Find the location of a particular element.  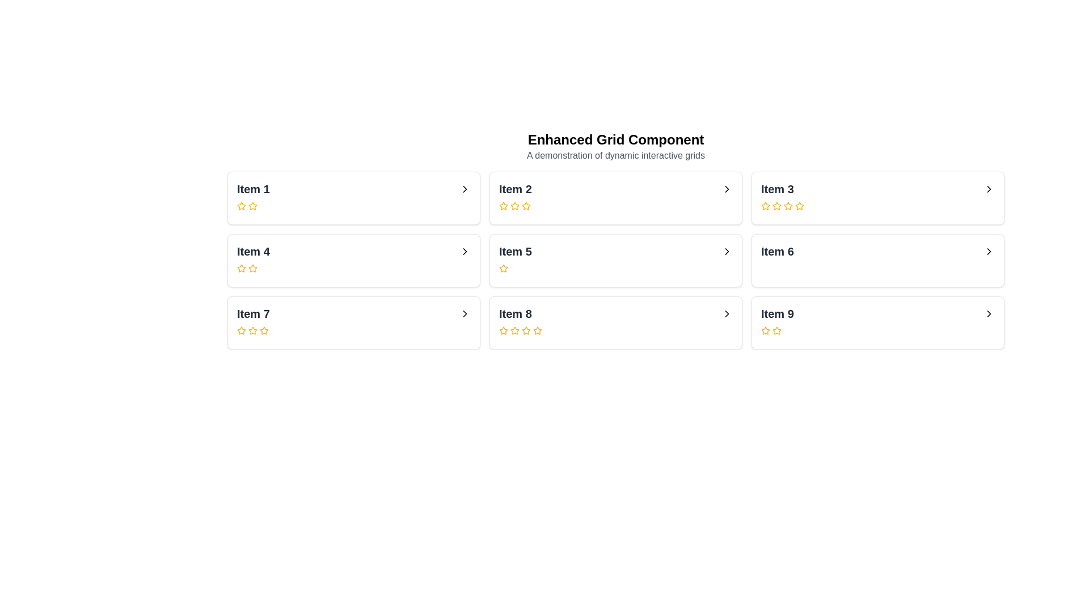

the first rating star in the group of three stars for 'Item 1' is located at coordinates (241, 206).